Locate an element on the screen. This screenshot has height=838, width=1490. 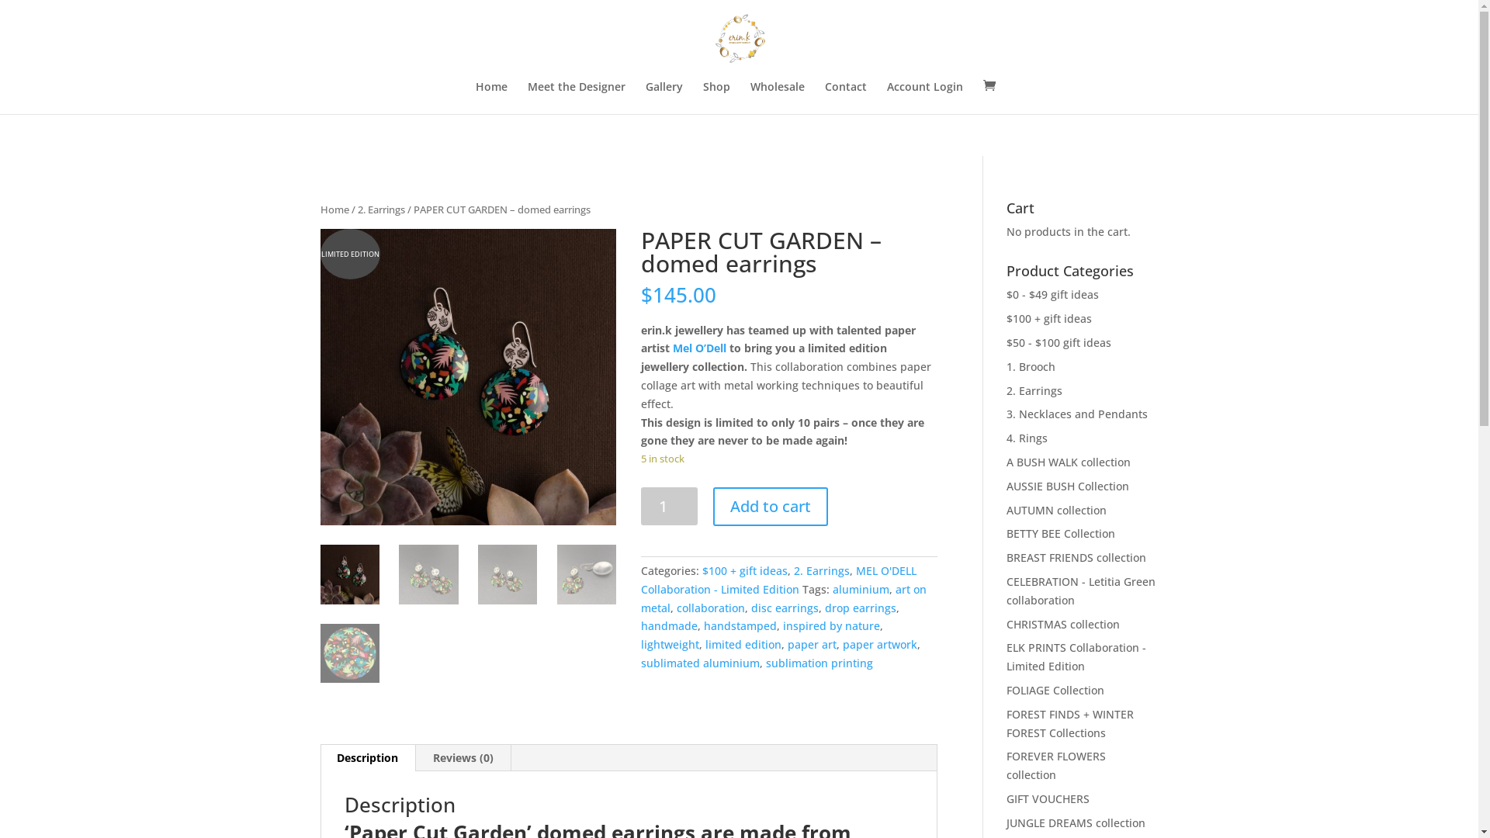
'1. Brooch' is located at coordinates (1031, 366).